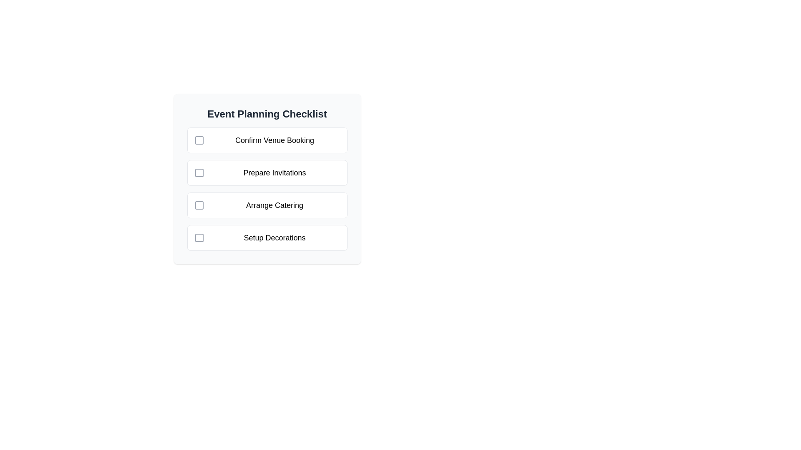 The width and height of the screenshot is (801, 450). I want to click on the third checkbox in the 'Event Planning Checklist' to trigger the hover effect, so click(199, 205).